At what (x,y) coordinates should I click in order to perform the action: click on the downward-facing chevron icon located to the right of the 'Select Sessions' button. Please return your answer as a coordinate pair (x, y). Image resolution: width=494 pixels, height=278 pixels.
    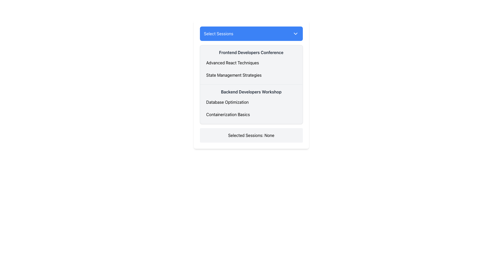
    Looking at the image, I should click on (295, 34).